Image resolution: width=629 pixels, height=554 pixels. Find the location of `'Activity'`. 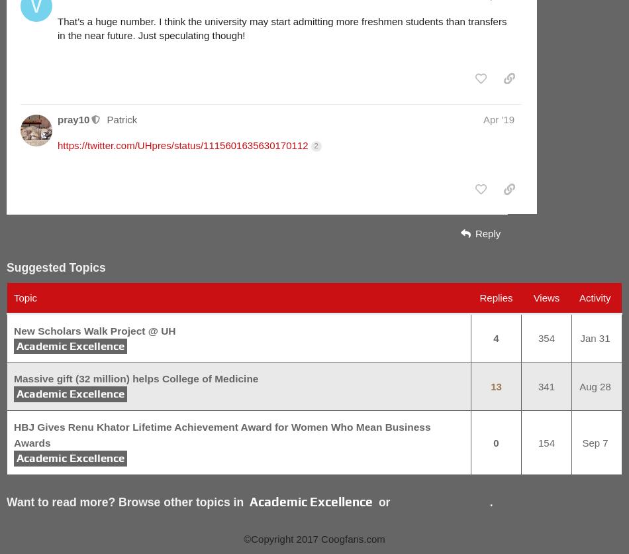

'Activity' is located at coordinates (594, 297).